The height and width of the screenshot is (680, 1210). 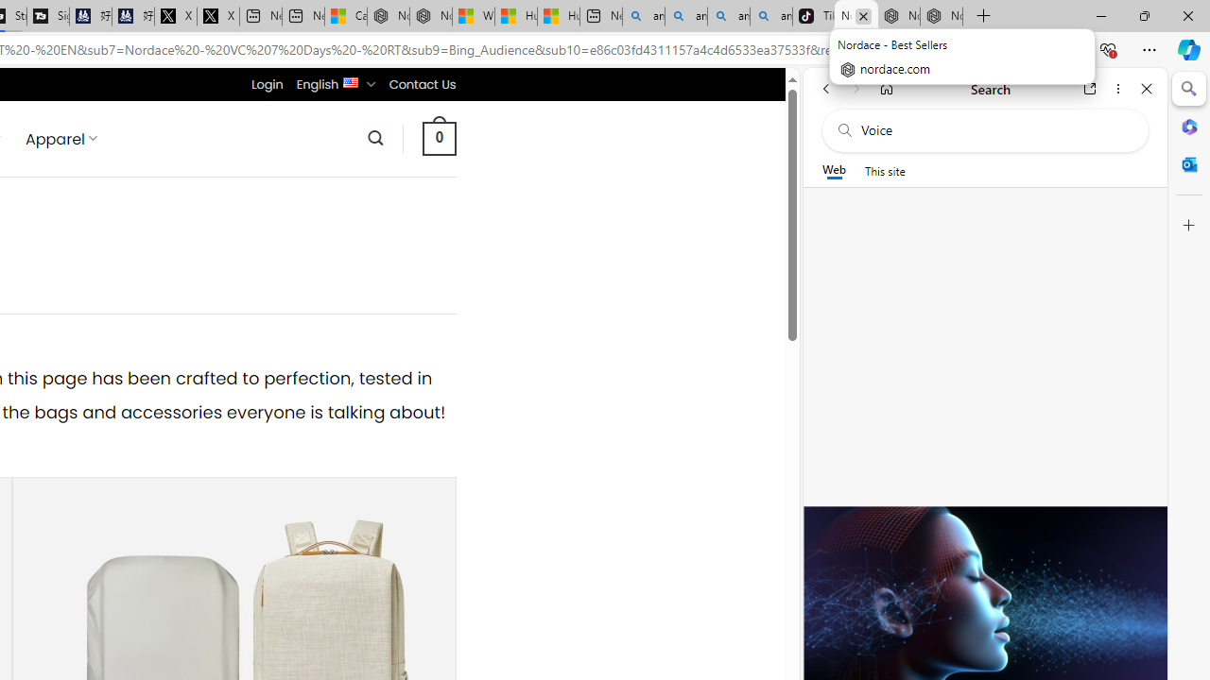 What do you see at coordinates (898, 49) in the screenshot?
I see `'This site has coupons! Shopping in Microsoft Edge'` at bounding box center [898, 49].